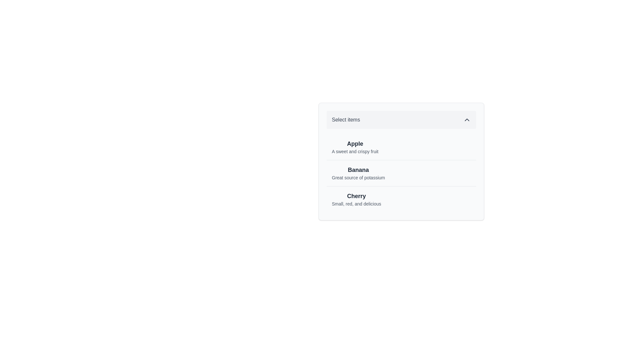 This screenshot has height=349, width=621. Describe the element at coordinates (355, 143) in the screenshot. I see `the static text label displaying 'Apple', which is the first item in the dropdown menu under 'Select items'` at that location.